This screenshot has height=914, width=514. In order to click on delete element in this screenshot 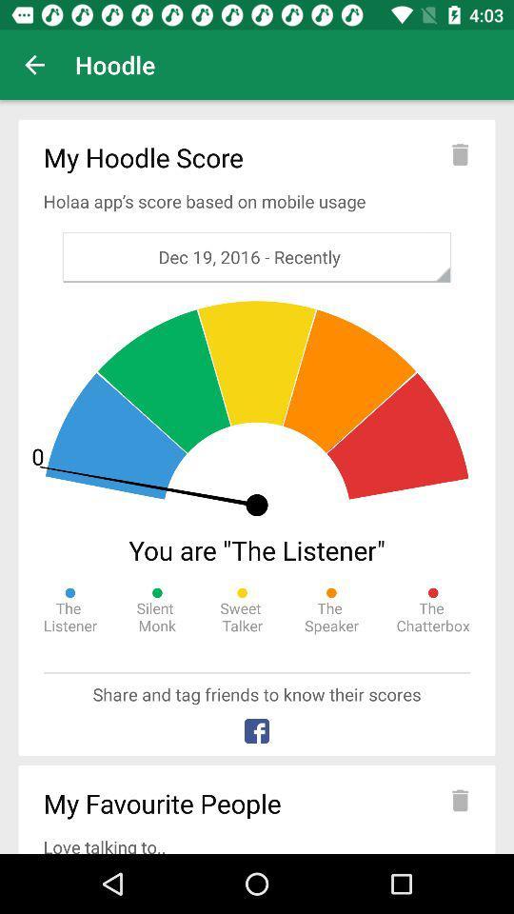, I will do `click(459, 800)`.